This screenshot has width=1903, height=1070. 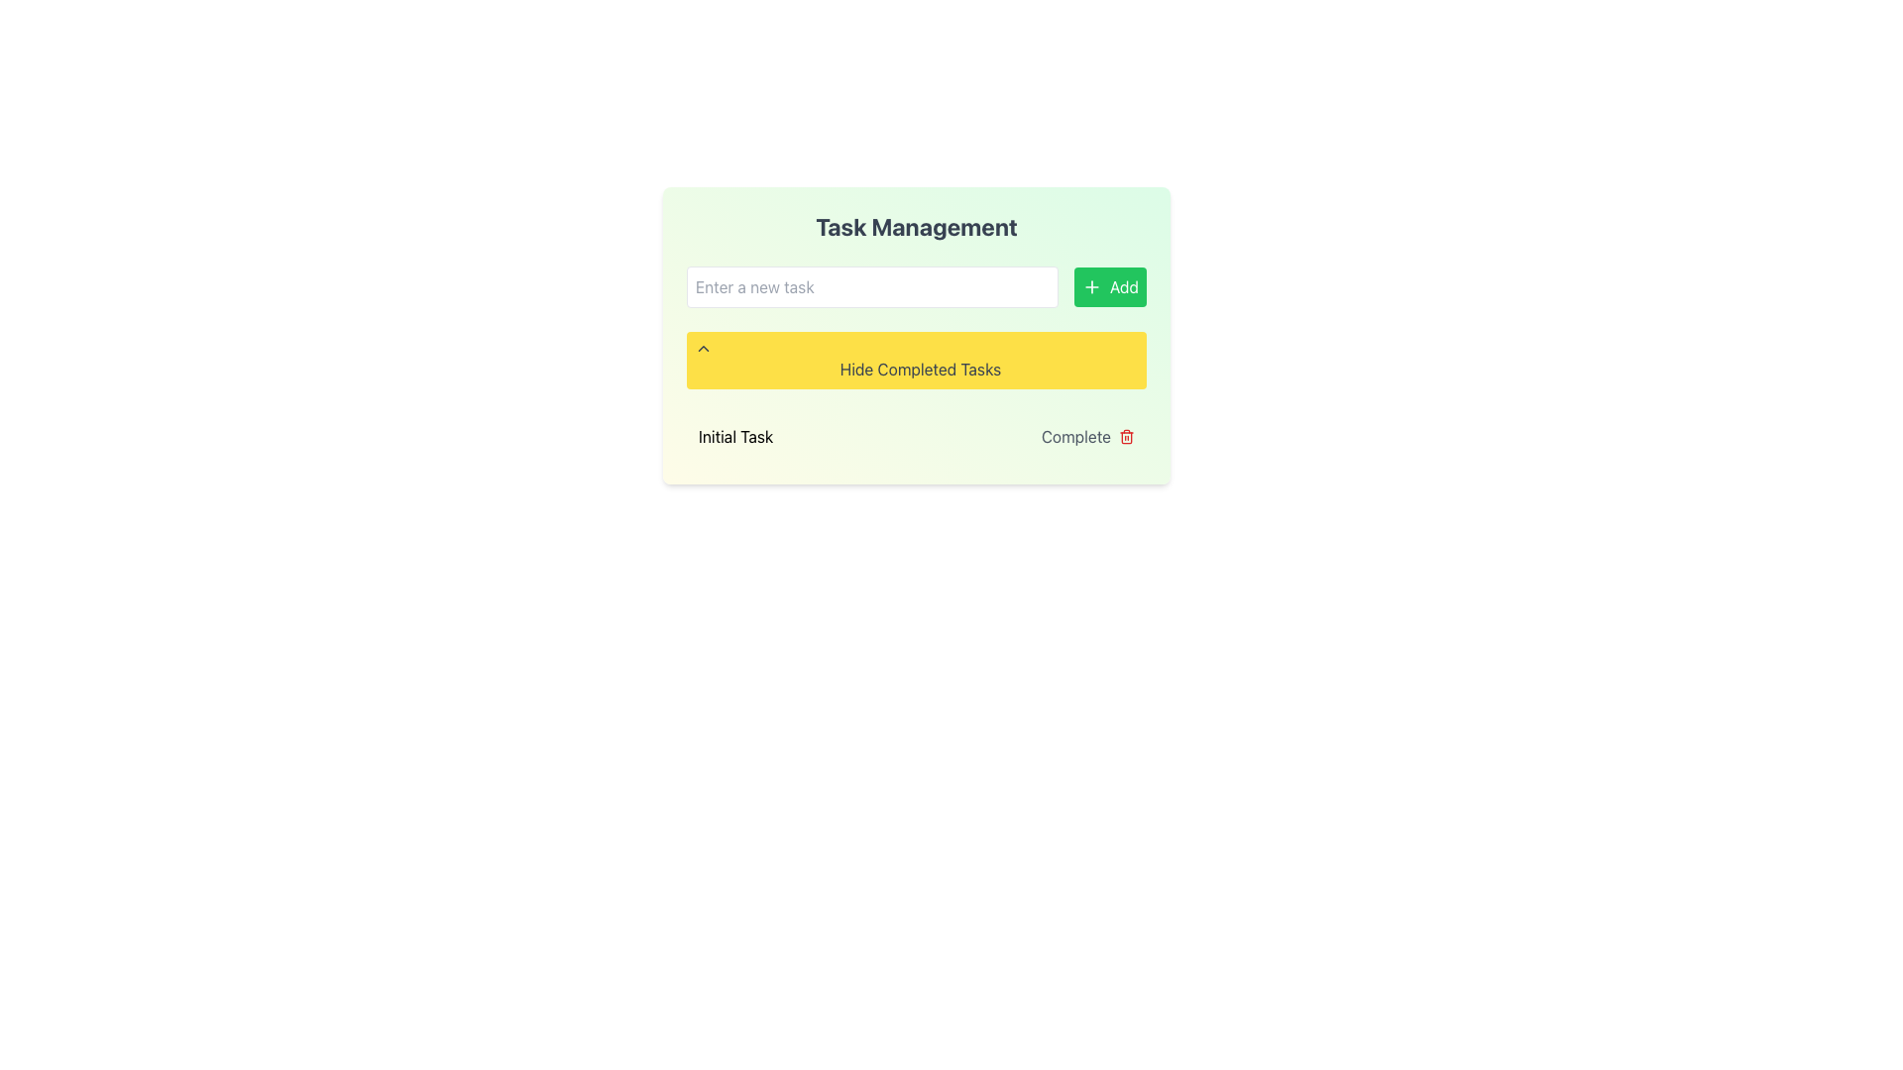 I want to click on the button that marks the task 'Initial Task' as completed, located to the right of the task text and before the trash can icon, so click(x=1074, y=435).